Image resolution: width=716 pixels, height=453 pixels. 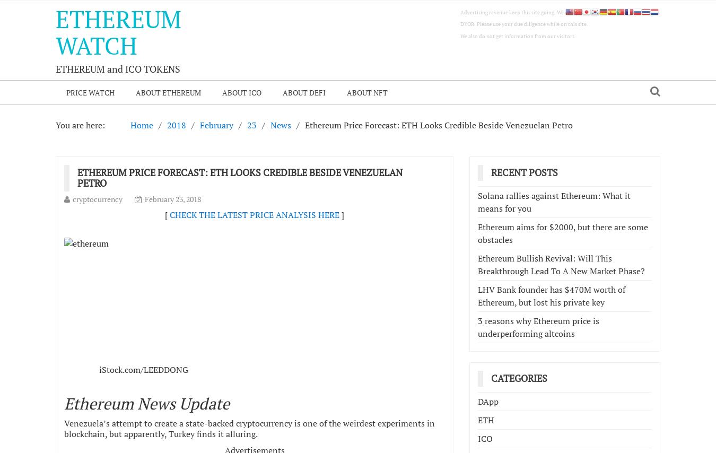 I want to click on '23', so click(x=251, y=125).